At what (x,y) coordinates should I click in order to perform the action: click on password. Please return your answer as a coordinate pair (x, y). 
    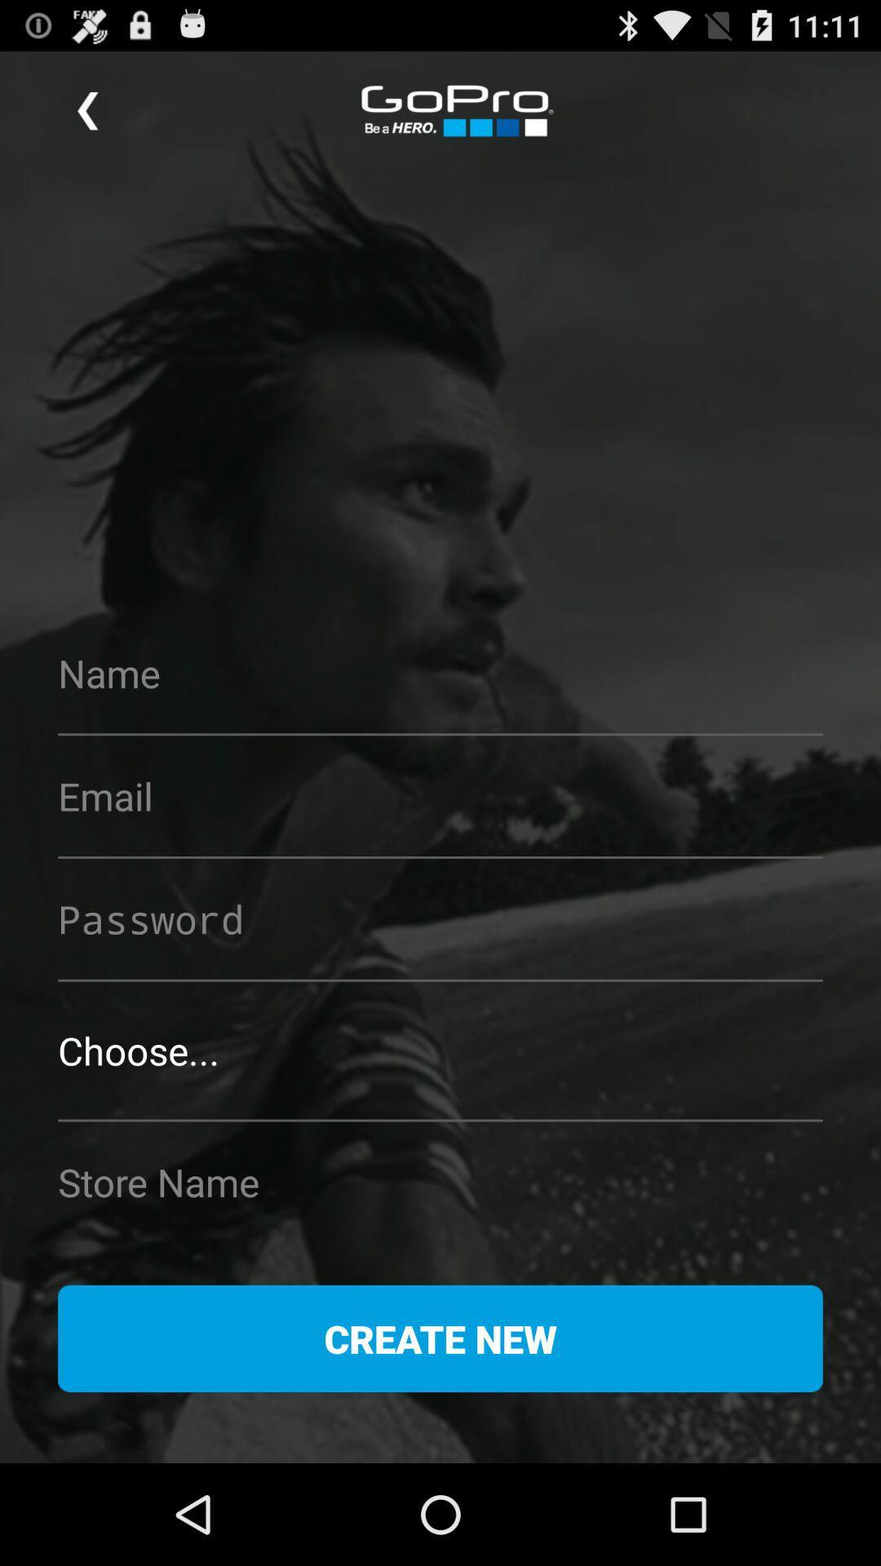
    Looking at the image, I should click on (440, 918).